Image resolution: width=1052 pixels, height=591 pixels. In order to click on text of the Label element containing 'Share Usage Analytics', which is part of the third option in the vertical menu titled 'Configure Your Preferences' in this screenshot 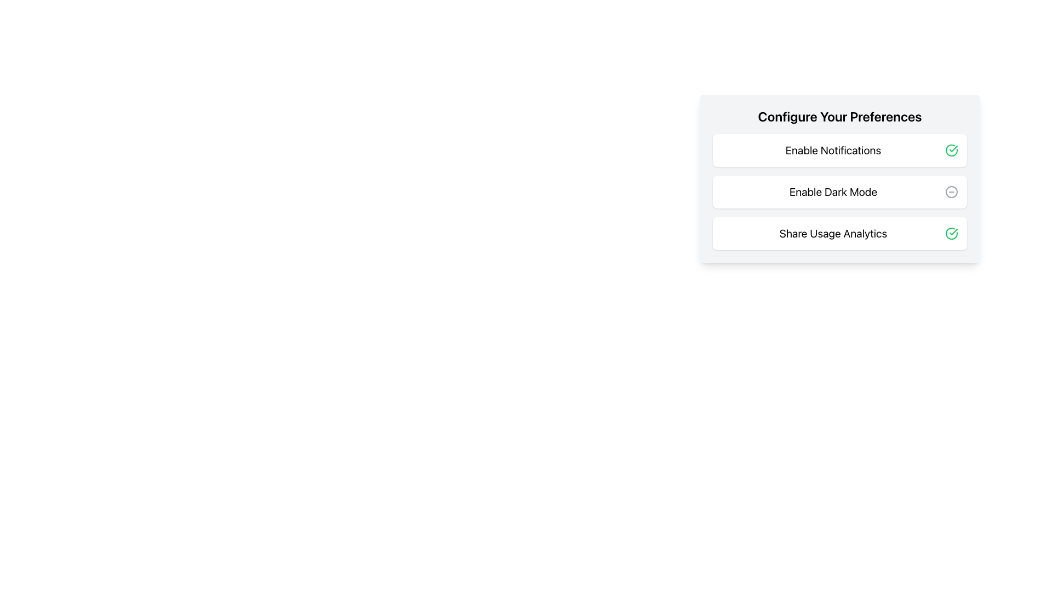, I will do `click(833, 233)`.